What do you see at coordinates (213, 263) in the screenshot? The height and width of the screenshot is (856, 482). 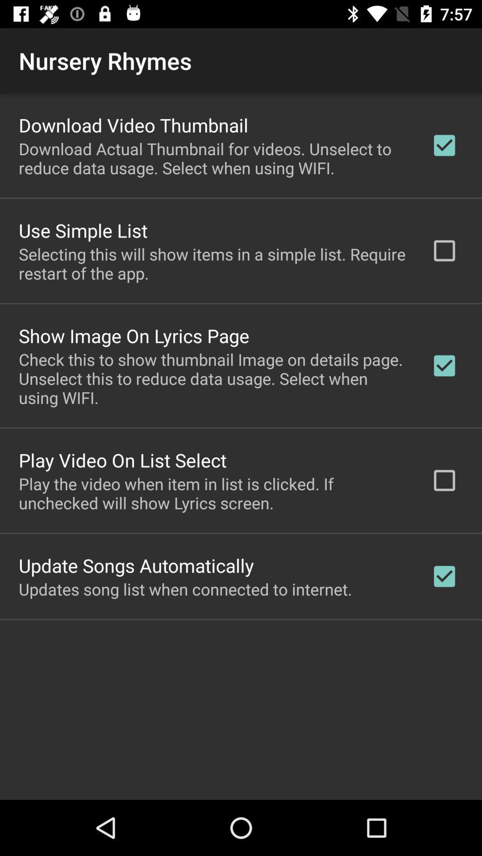 I see `the app below the use simple list app` at bounding box center [213, 263].